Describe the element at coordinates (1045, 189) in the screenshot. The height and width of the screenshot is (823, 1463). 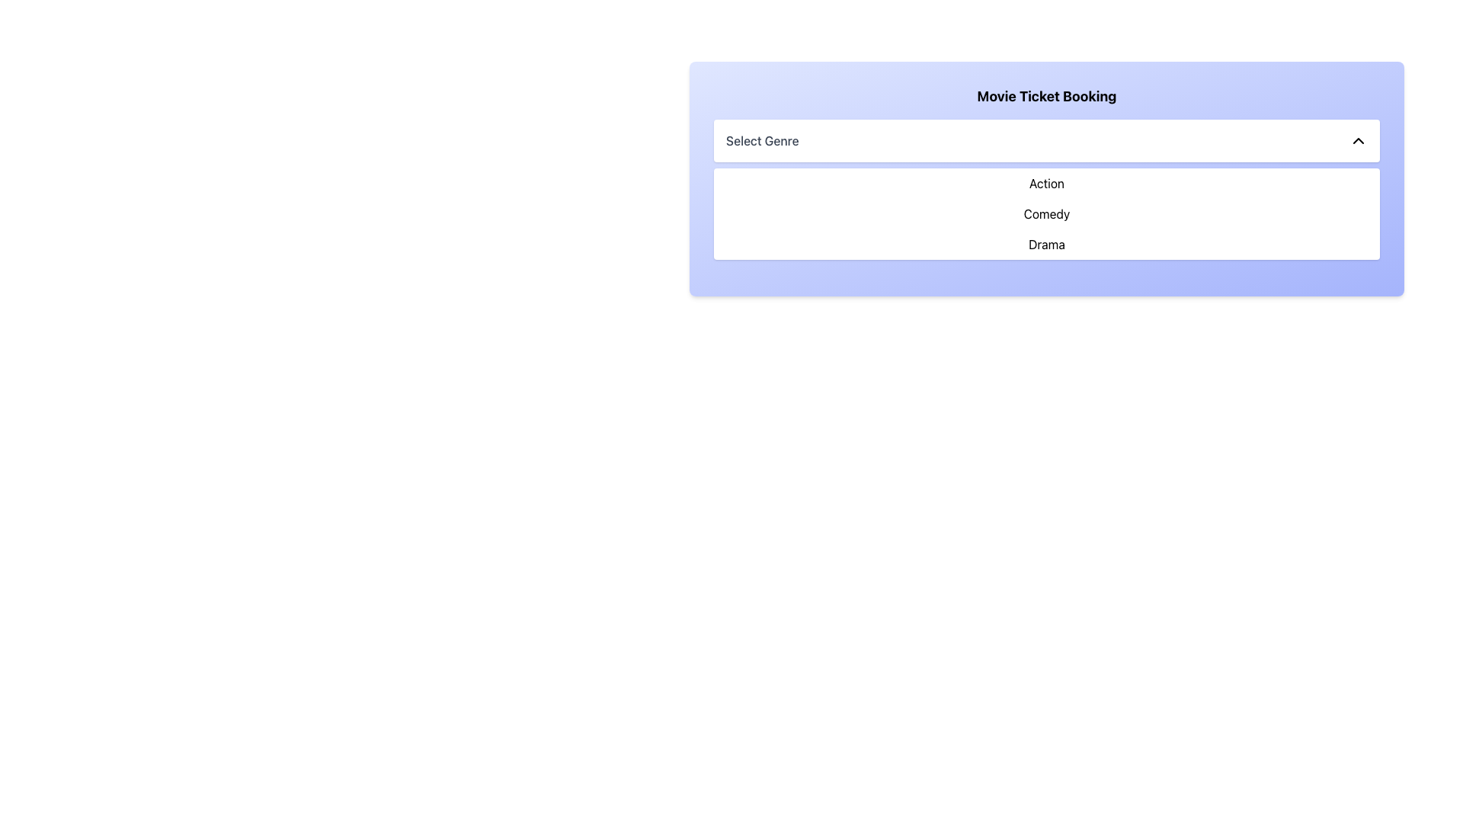
I see `the first selectable item 'Action' in the dropdown menu under the title 'Select Genre'` at that location.